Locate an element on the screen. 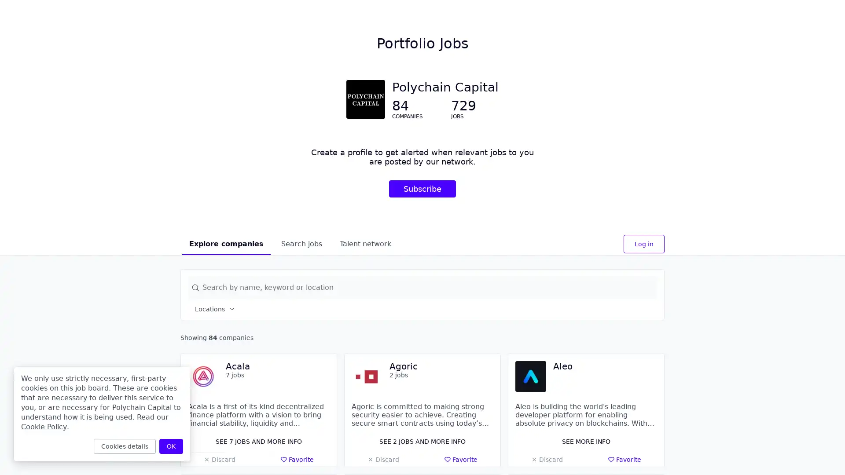  Locations is located at coordinates (215, 308).